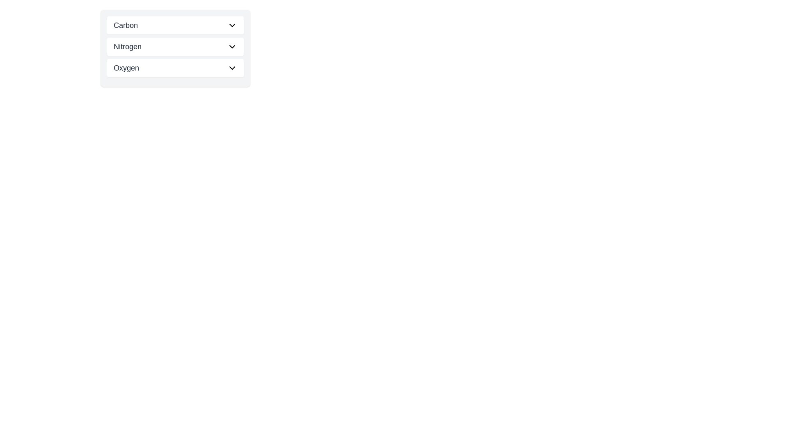  I want to click on the downward-facing chevron icon within the 'Oxygen' button, so click(232, 67).